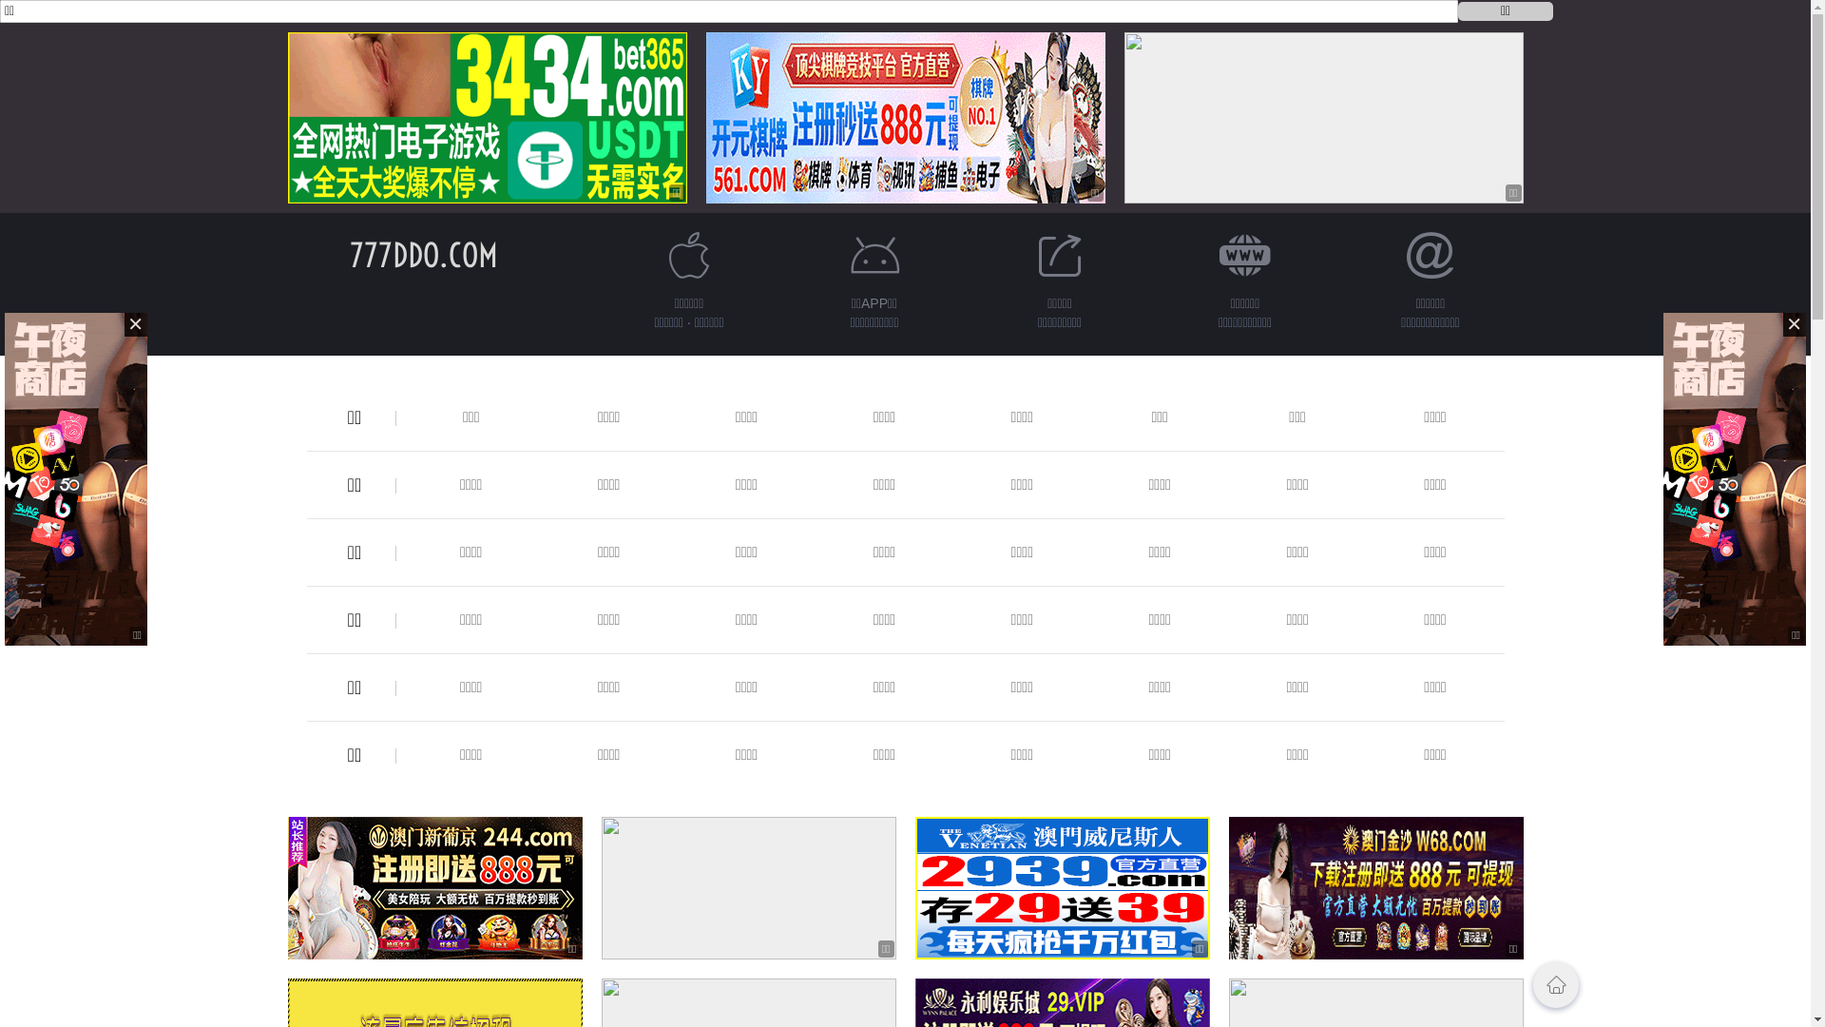 This screenshot has height=1027, width=1825. I want to click on '777DDO.COM', so click(350, 254).